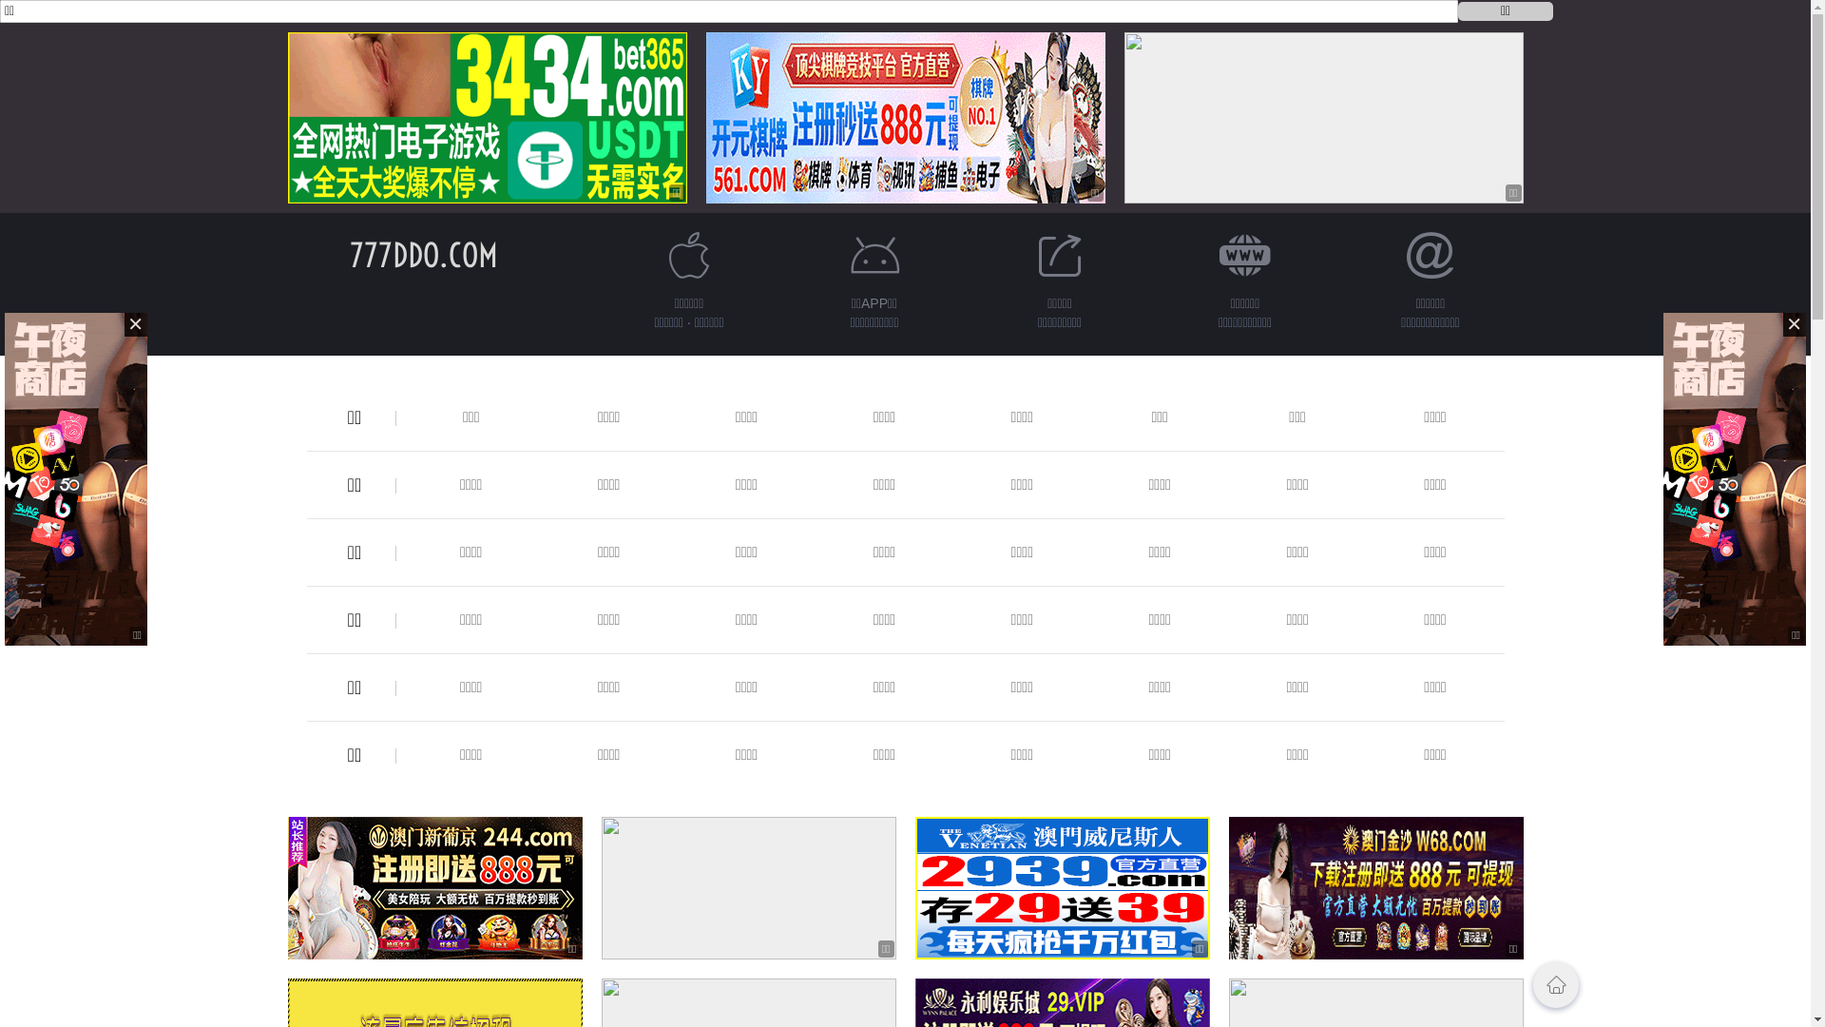 This screenshot has height=1027, width=1825. I want to click on '777DDO.COM', so click(350, 254).